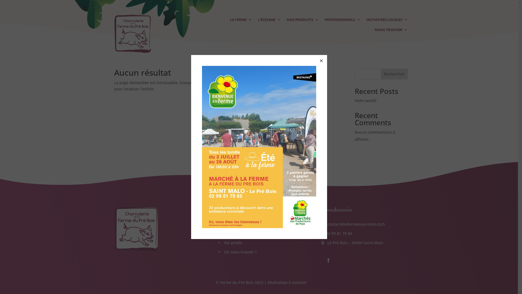 The height and width of the screenshot is (294, 522). What do you see at coordinates (391, 31) in the screenshot?
I see `'NOUS TROUVER'` at bounding box center [391, 31].